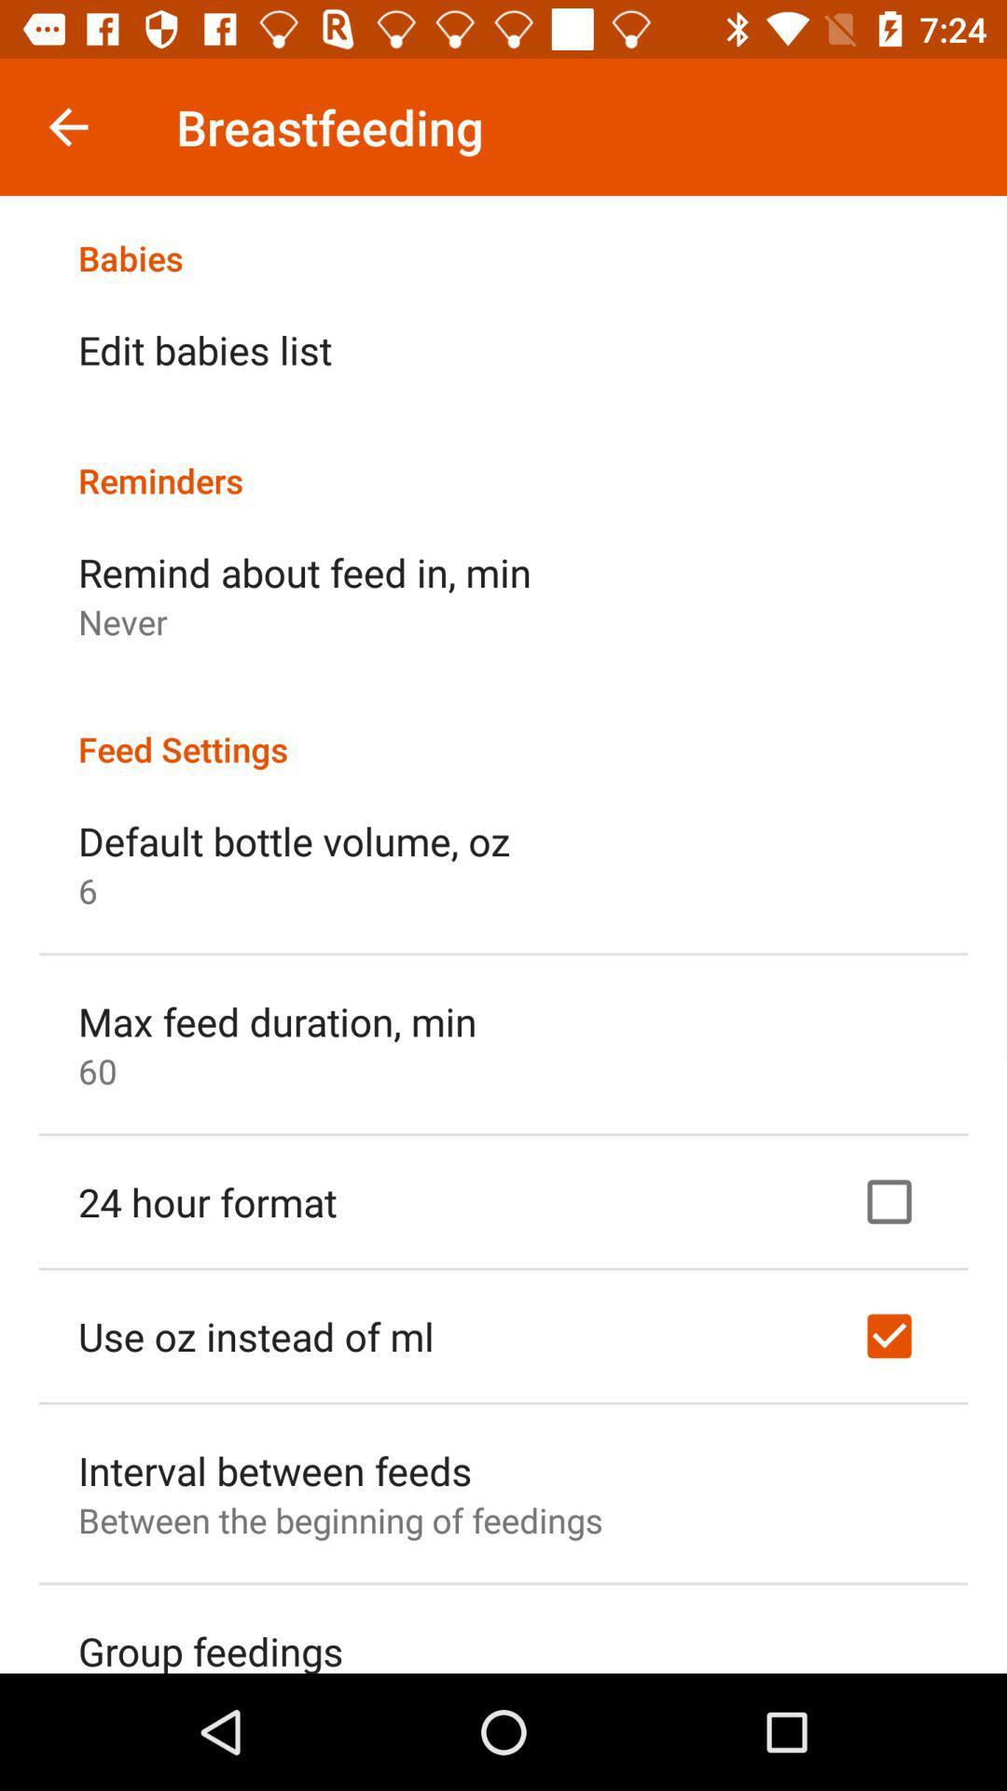 The image size is (1007, 1791). Describe the element at coordinates (255, 1335) in the screenshot. I see `the use oz instead icon` at that location.